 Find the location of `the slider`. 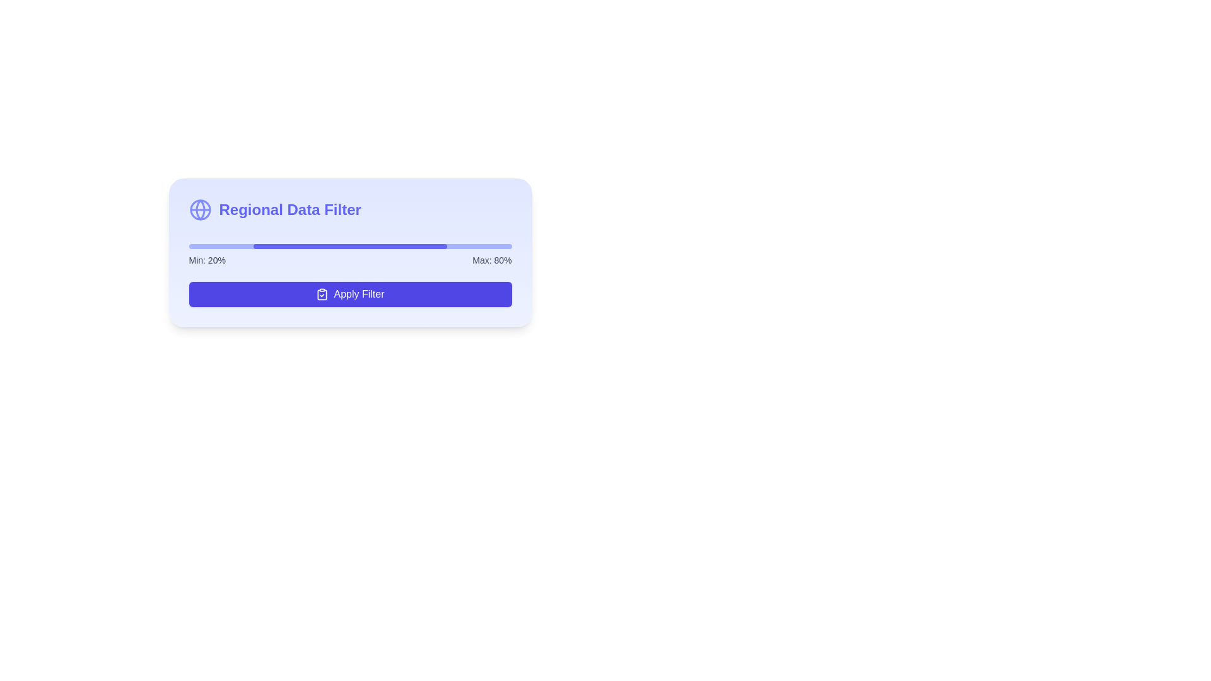

the slider is located at coordinates (218, 243).